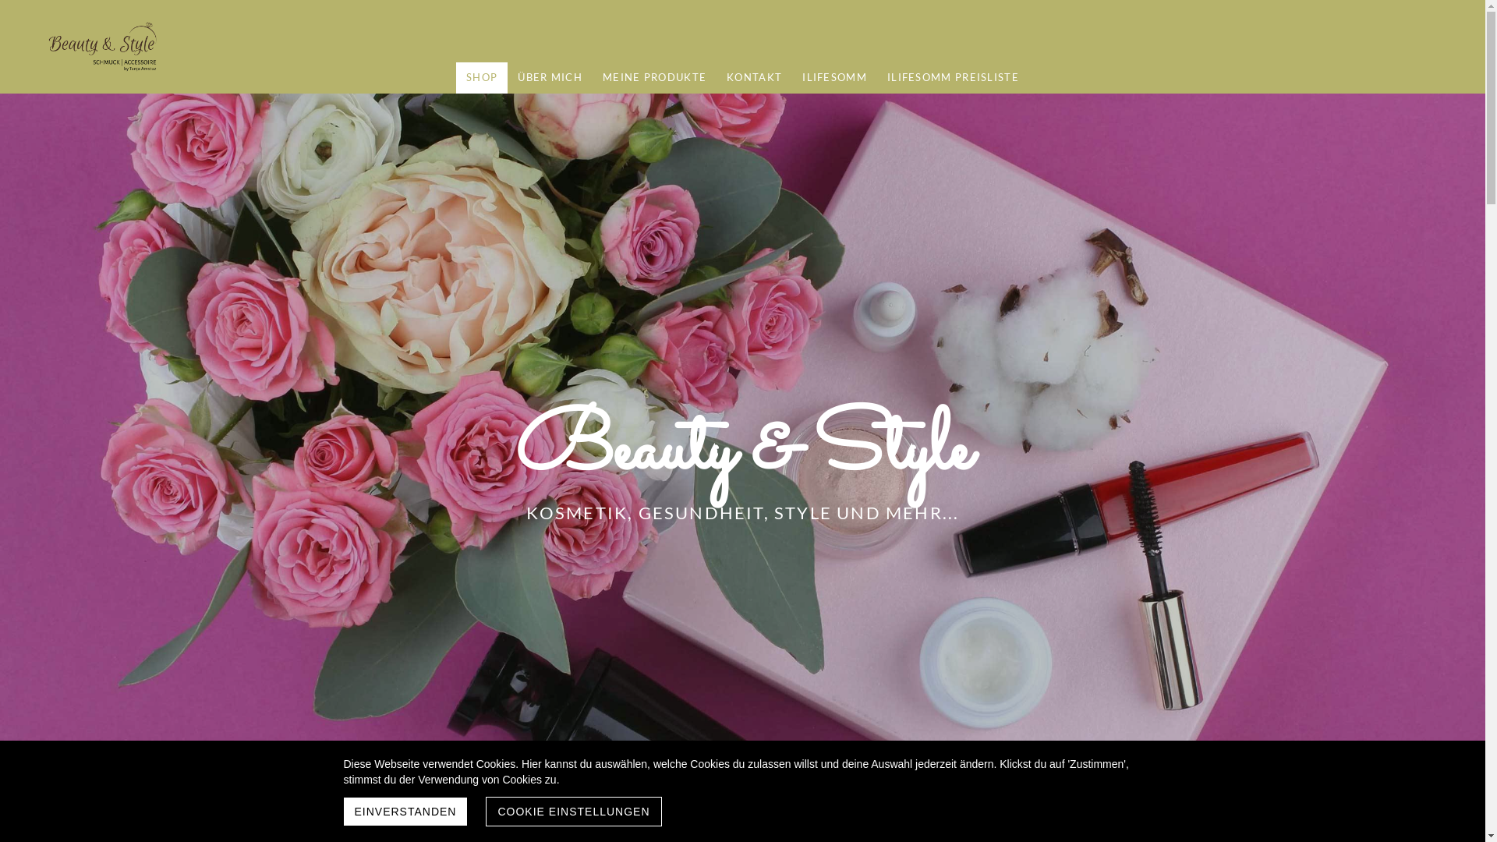 The width and height of the screenshot is (1497, 842). I want to click on 'COOKIE EINSTELLUNGEN', so click(572, 811).